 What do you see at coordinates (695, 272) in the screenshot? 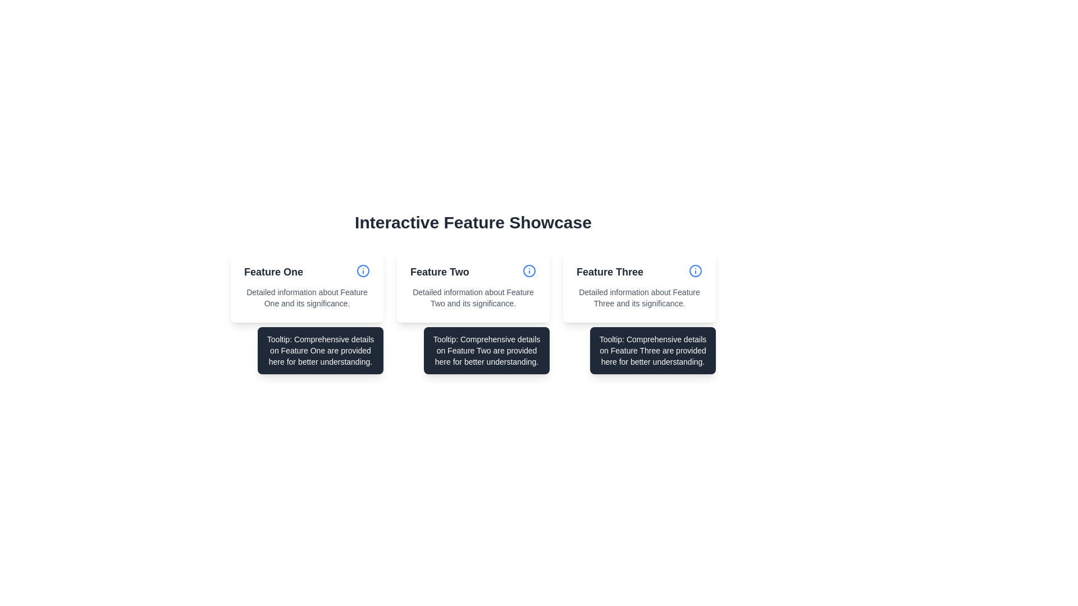
I see `the informational icon, a blue circle with a smaller dot inside, located in the top-right corner of the 'Feature Three' card` at bounding box center [695, 272].